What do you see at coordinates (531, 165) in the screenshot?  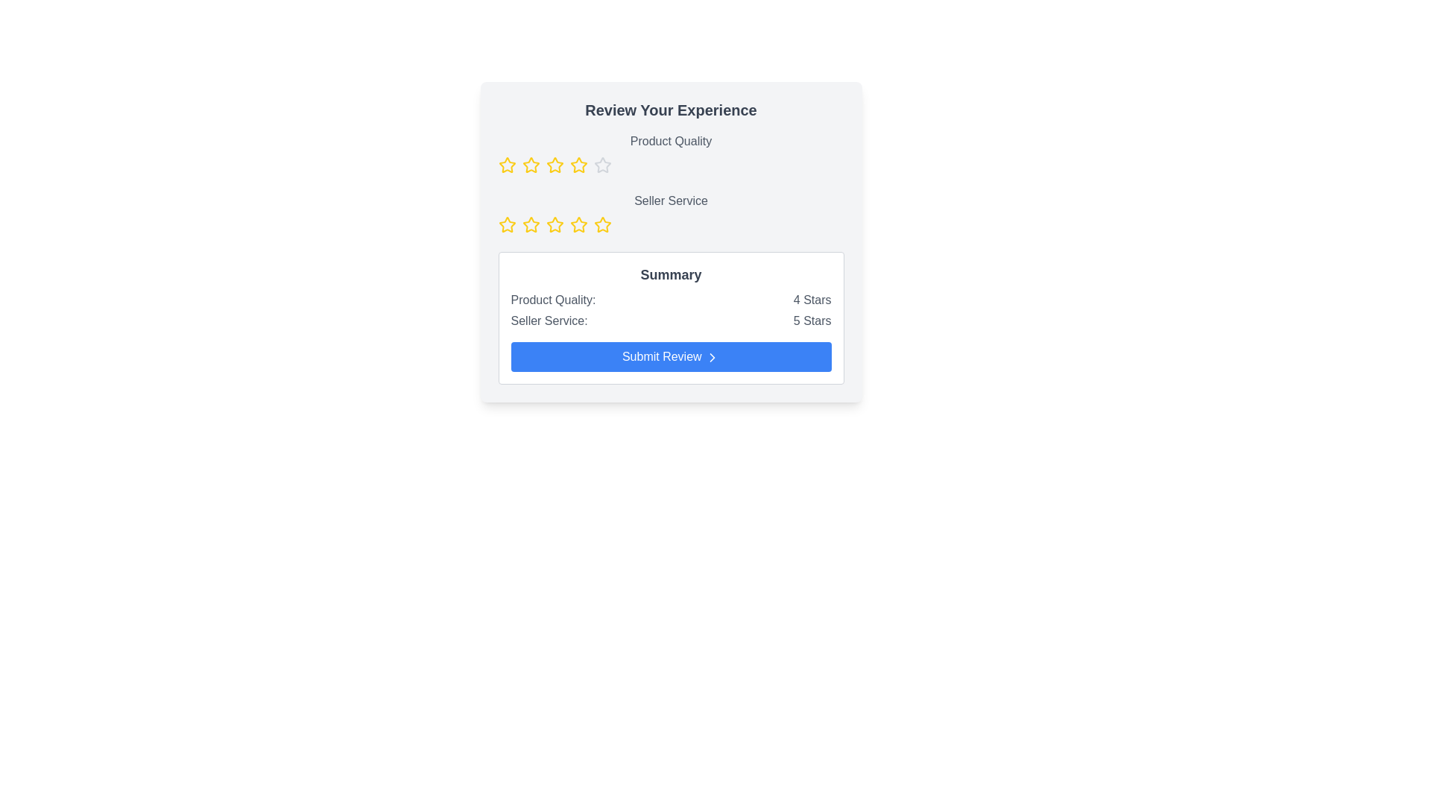 I see `the third star icon in the rating component under the 'Product Quality' section` at bounding box center [531, 165].